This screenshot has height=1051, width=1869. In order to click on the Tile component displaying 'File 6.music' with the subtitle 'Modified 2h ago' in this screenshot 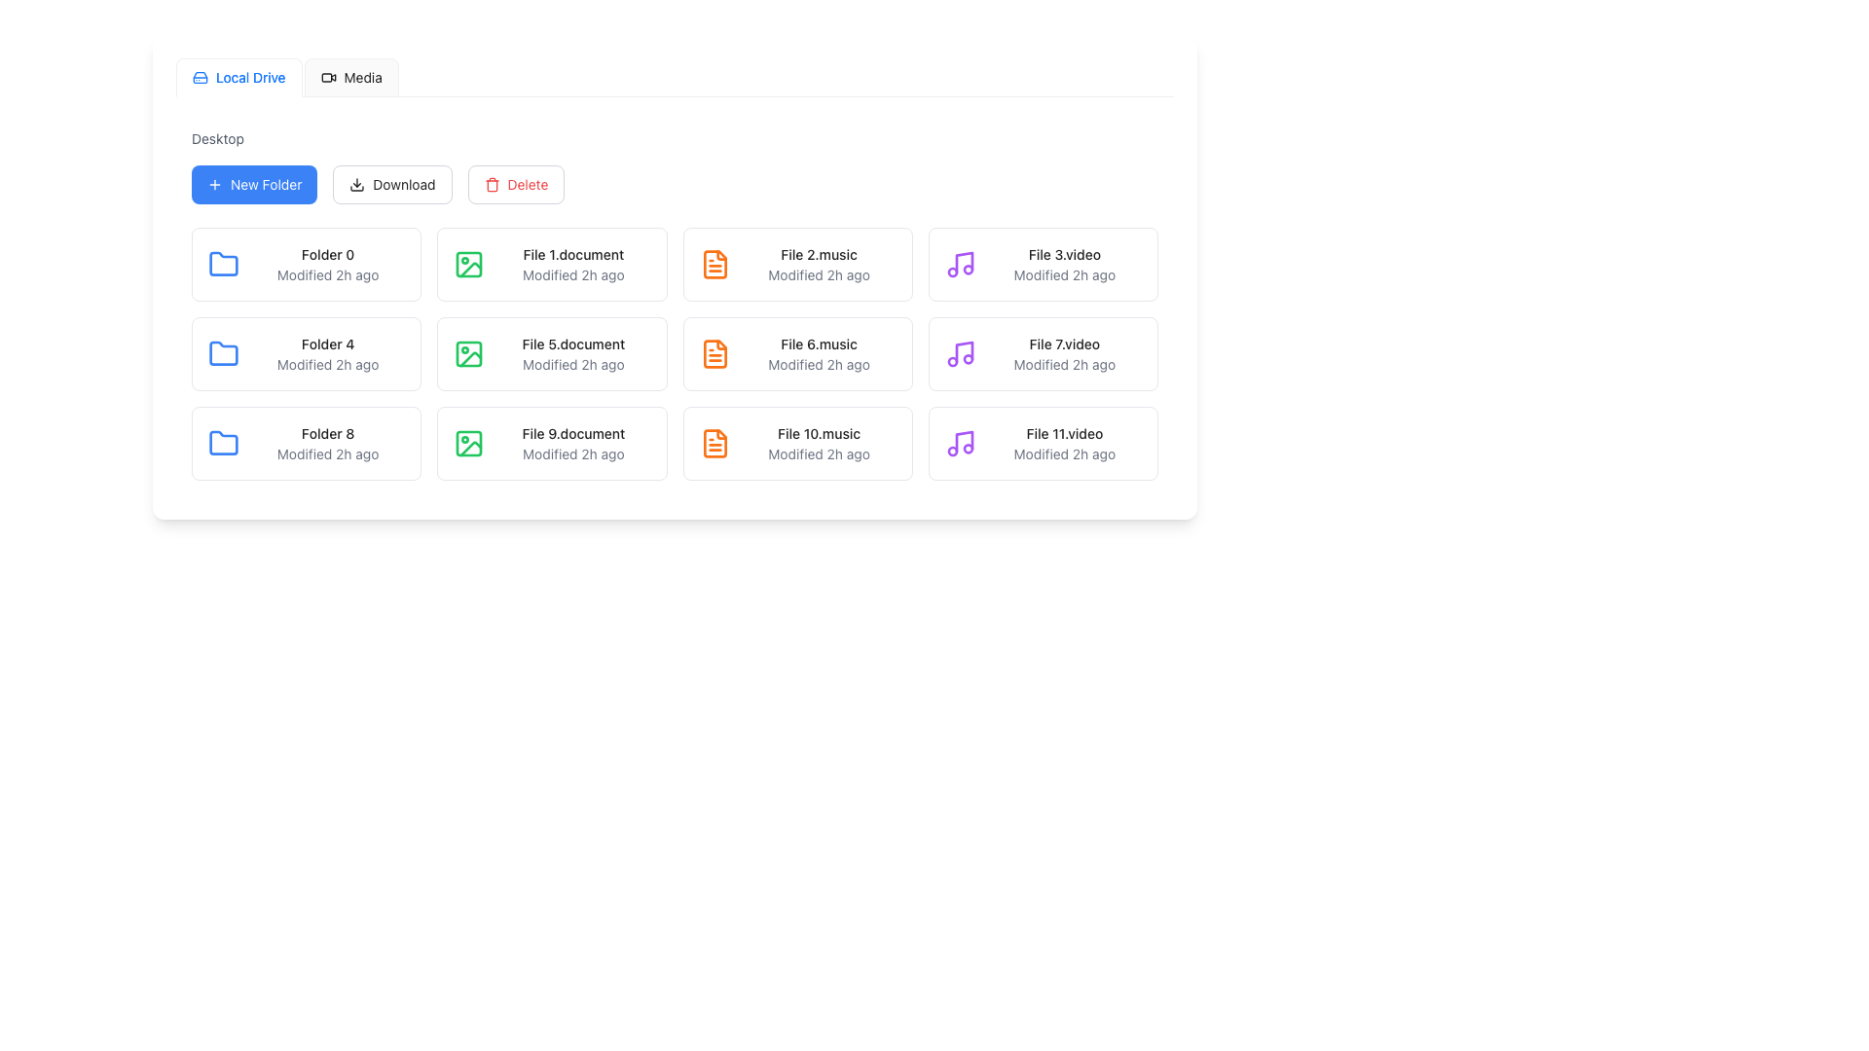, I will do `click(797, 353)`.